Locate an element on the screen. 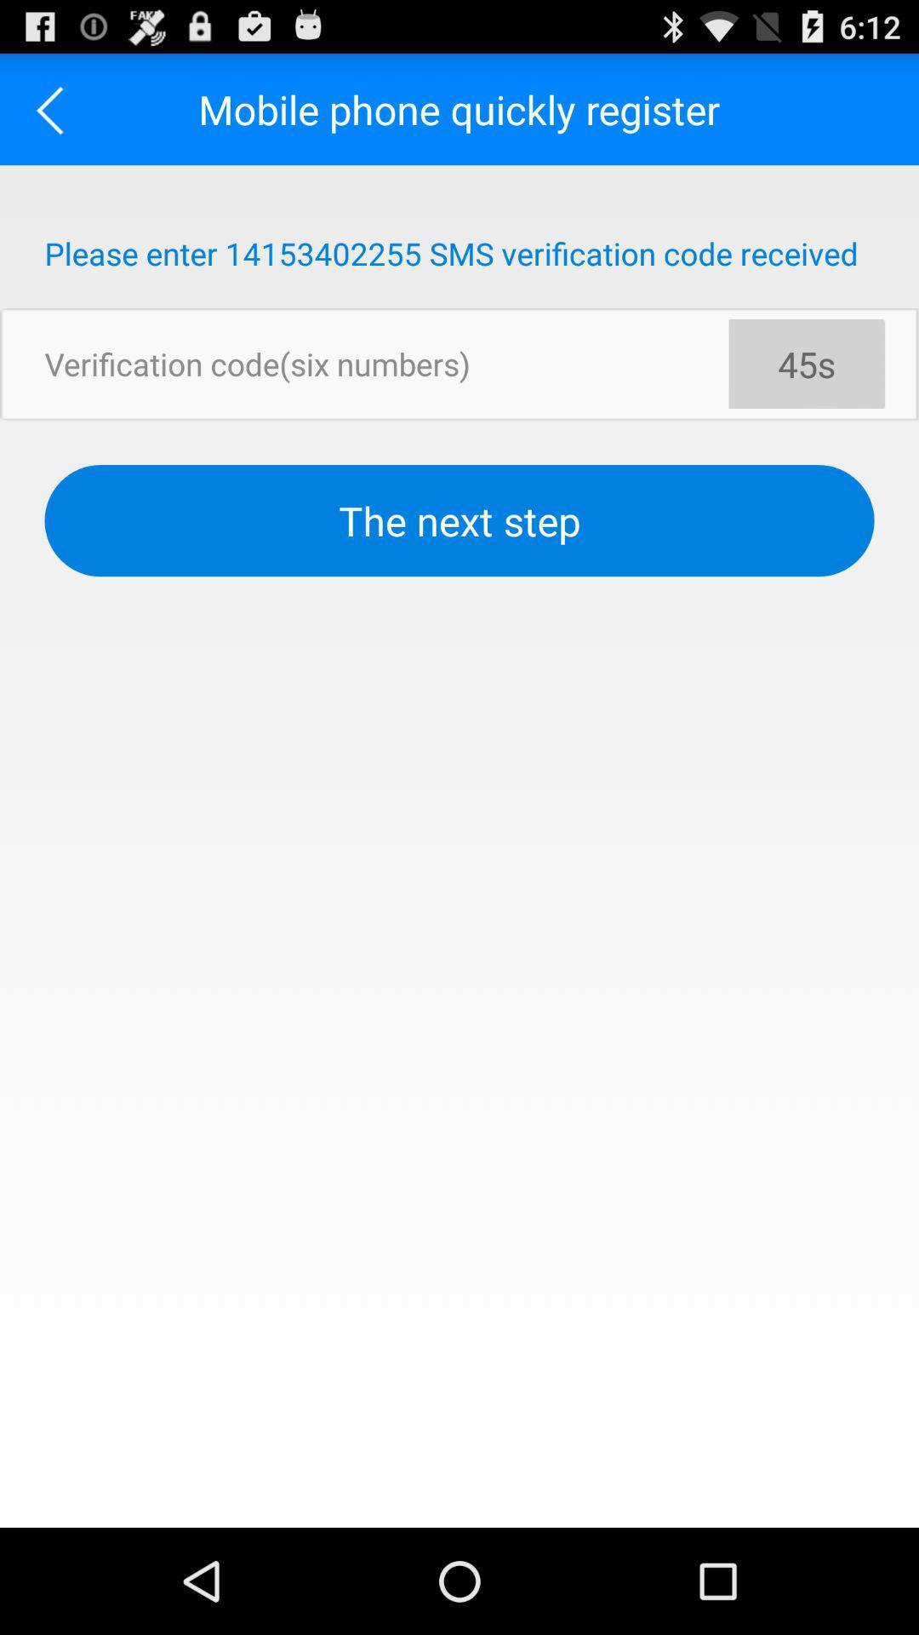 The image size is (919, 1635). the next step item is located at coordinates (459, 519).